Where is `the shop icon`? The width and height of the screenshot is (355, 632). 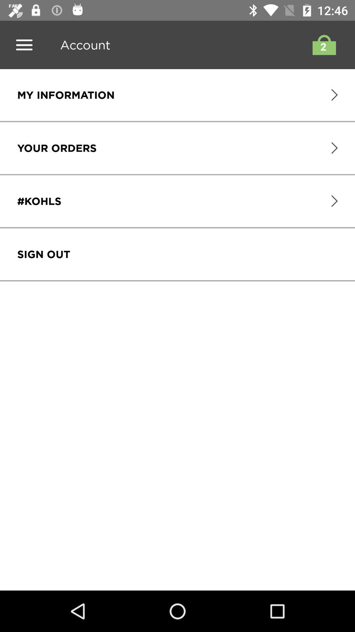 the shop icon is located at coordinates (322, 44).